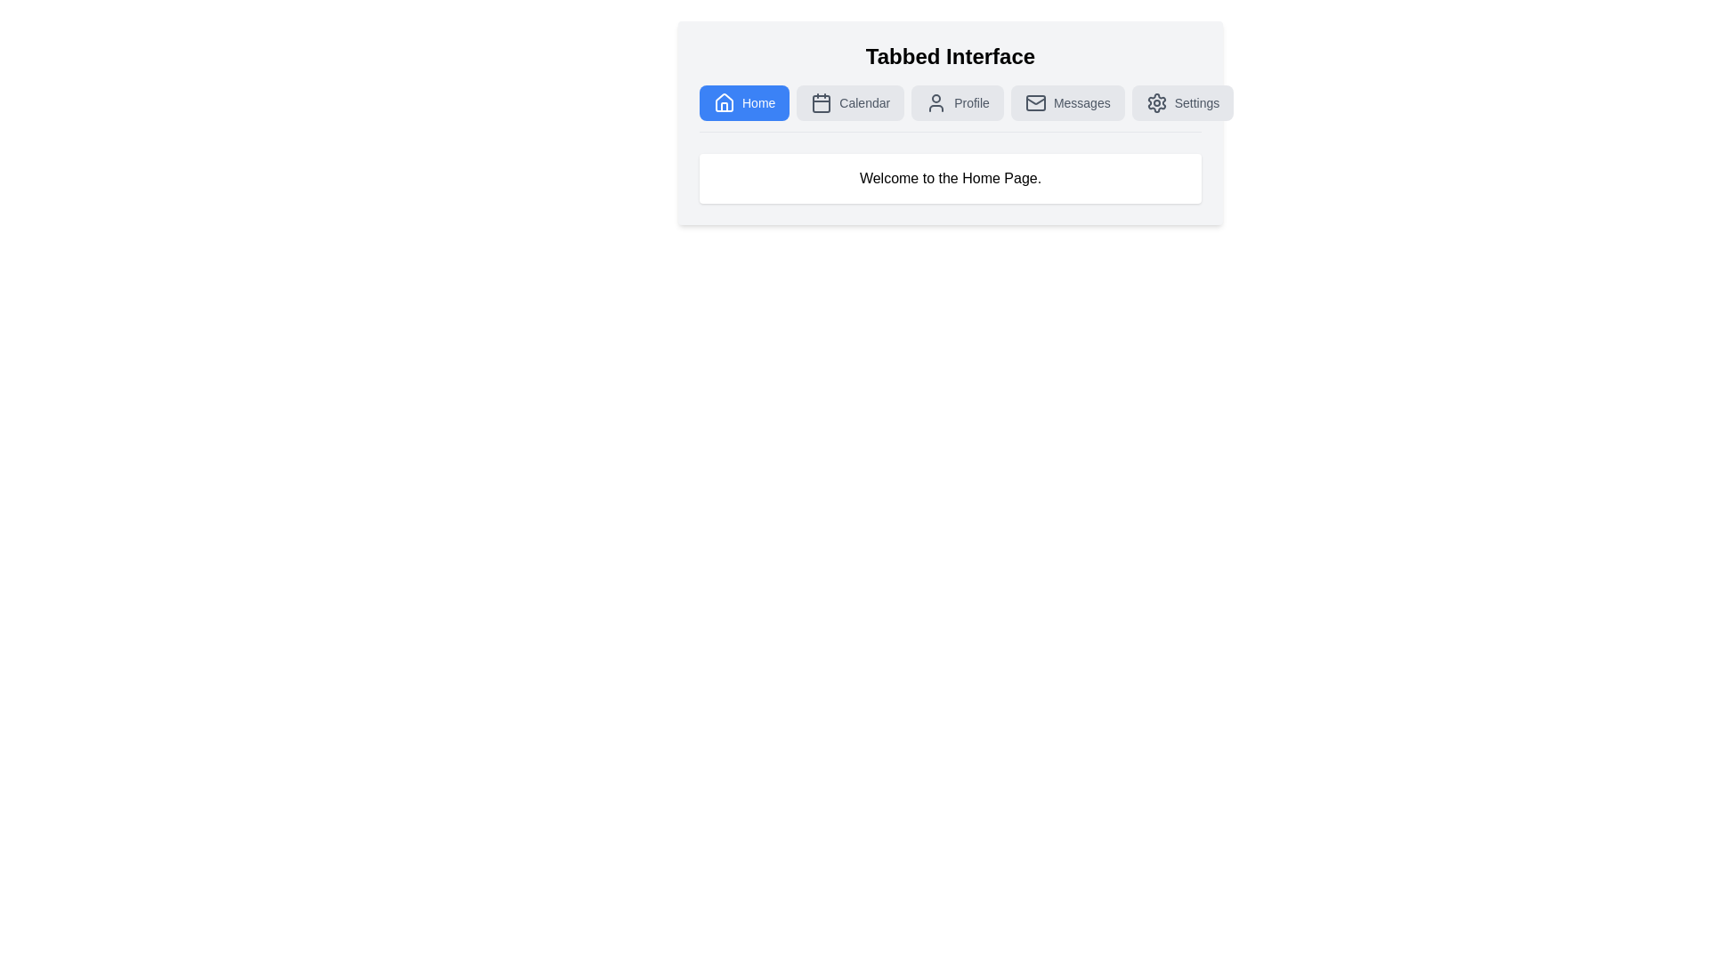 This screenshot has width=1709, height=961. Describe the element at coordinates (935, 102) in the screenshot. I see `the 'Profile' icon in the navigation interface, which visually represents user information or account settings, located centrally to the left of the 'Profile' text label` at that location.